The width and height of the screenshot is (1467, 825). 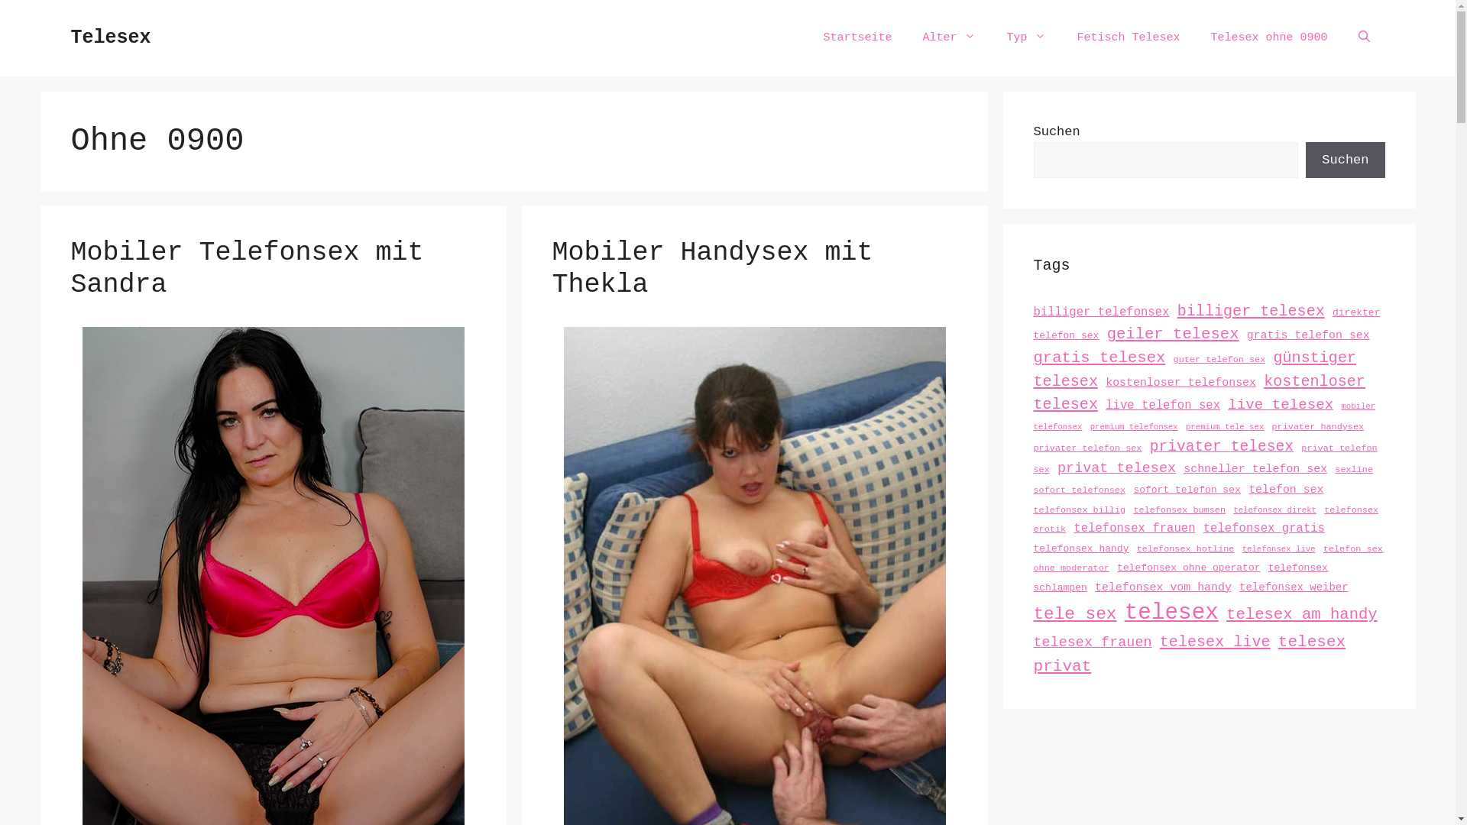 I want to click on 'telefonsex live', so click(x=1279, y=547).